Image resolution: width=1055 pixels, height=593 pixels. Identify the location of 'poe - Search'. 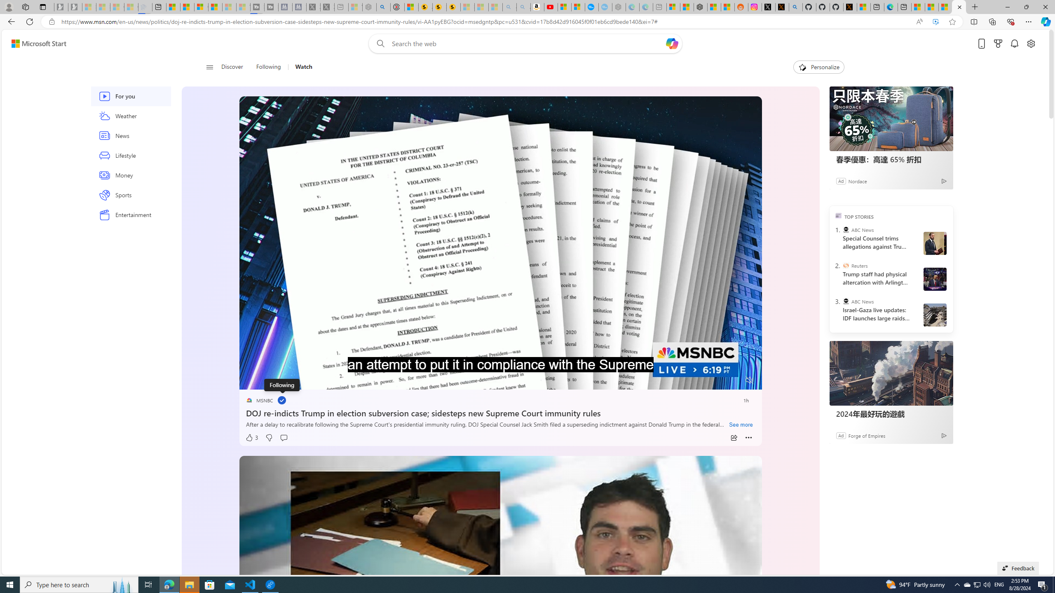
(383, 7).